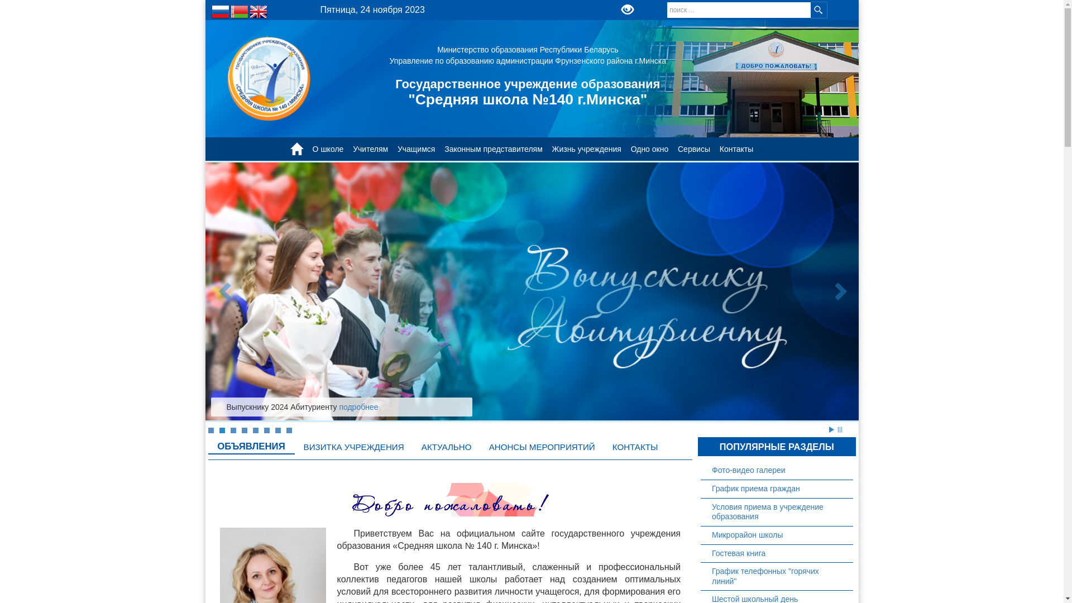 The width and height of the screenshot is (1072, 603). What do you see at coordinates (274, 430) in the screenshot?
I see `'7'` at bounding box center [274, 430].